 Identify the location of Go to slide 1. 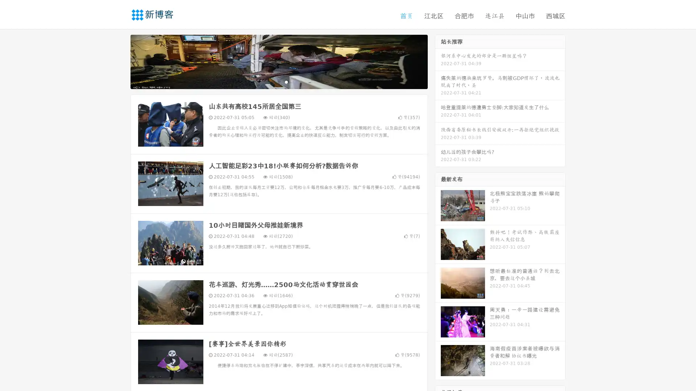
(271, 81).